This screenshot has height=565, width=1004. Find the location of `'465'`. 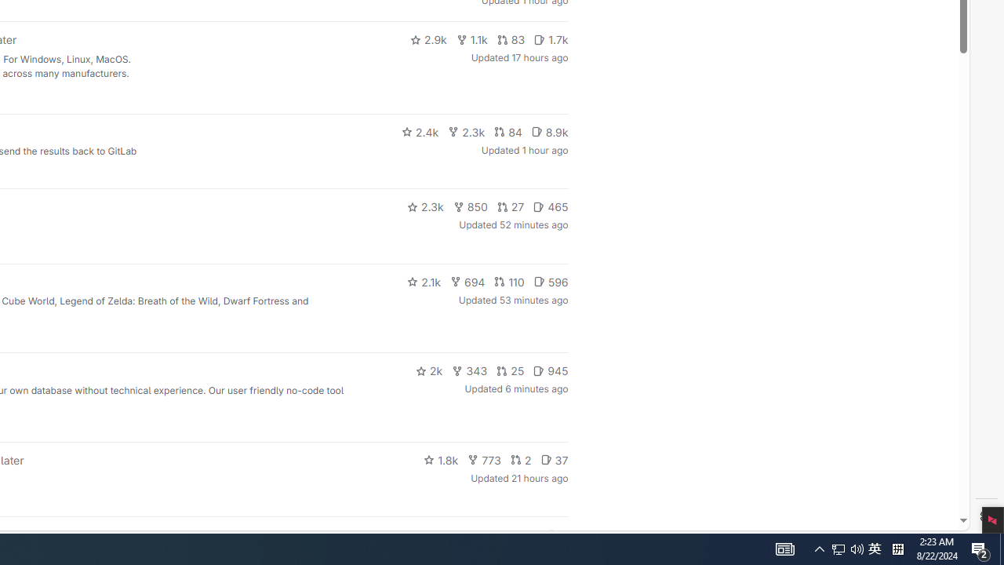

'465' is located at coordinates (551, 206).